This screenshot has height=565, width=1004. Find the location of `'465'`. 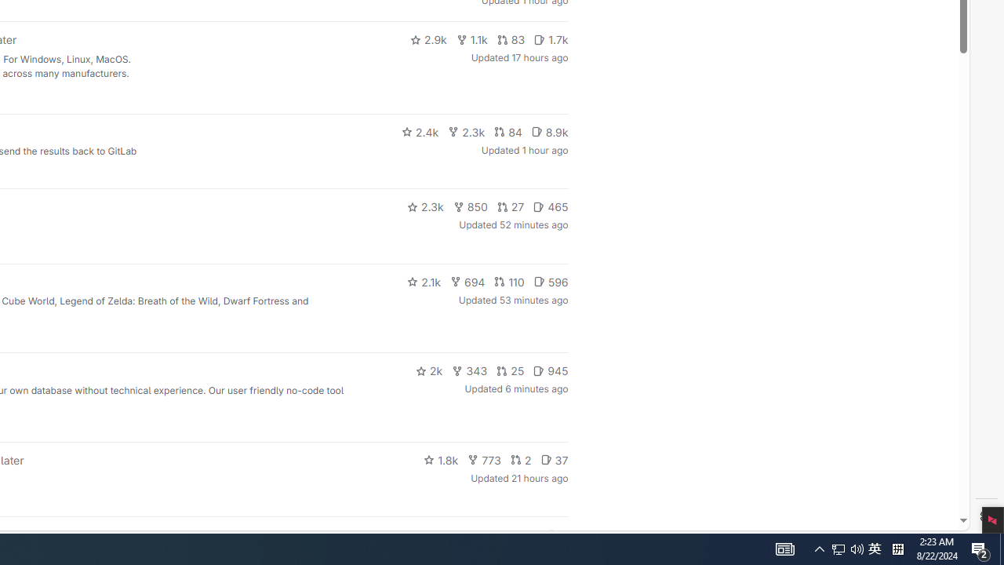

'465' is located at coordinates (551, 206).